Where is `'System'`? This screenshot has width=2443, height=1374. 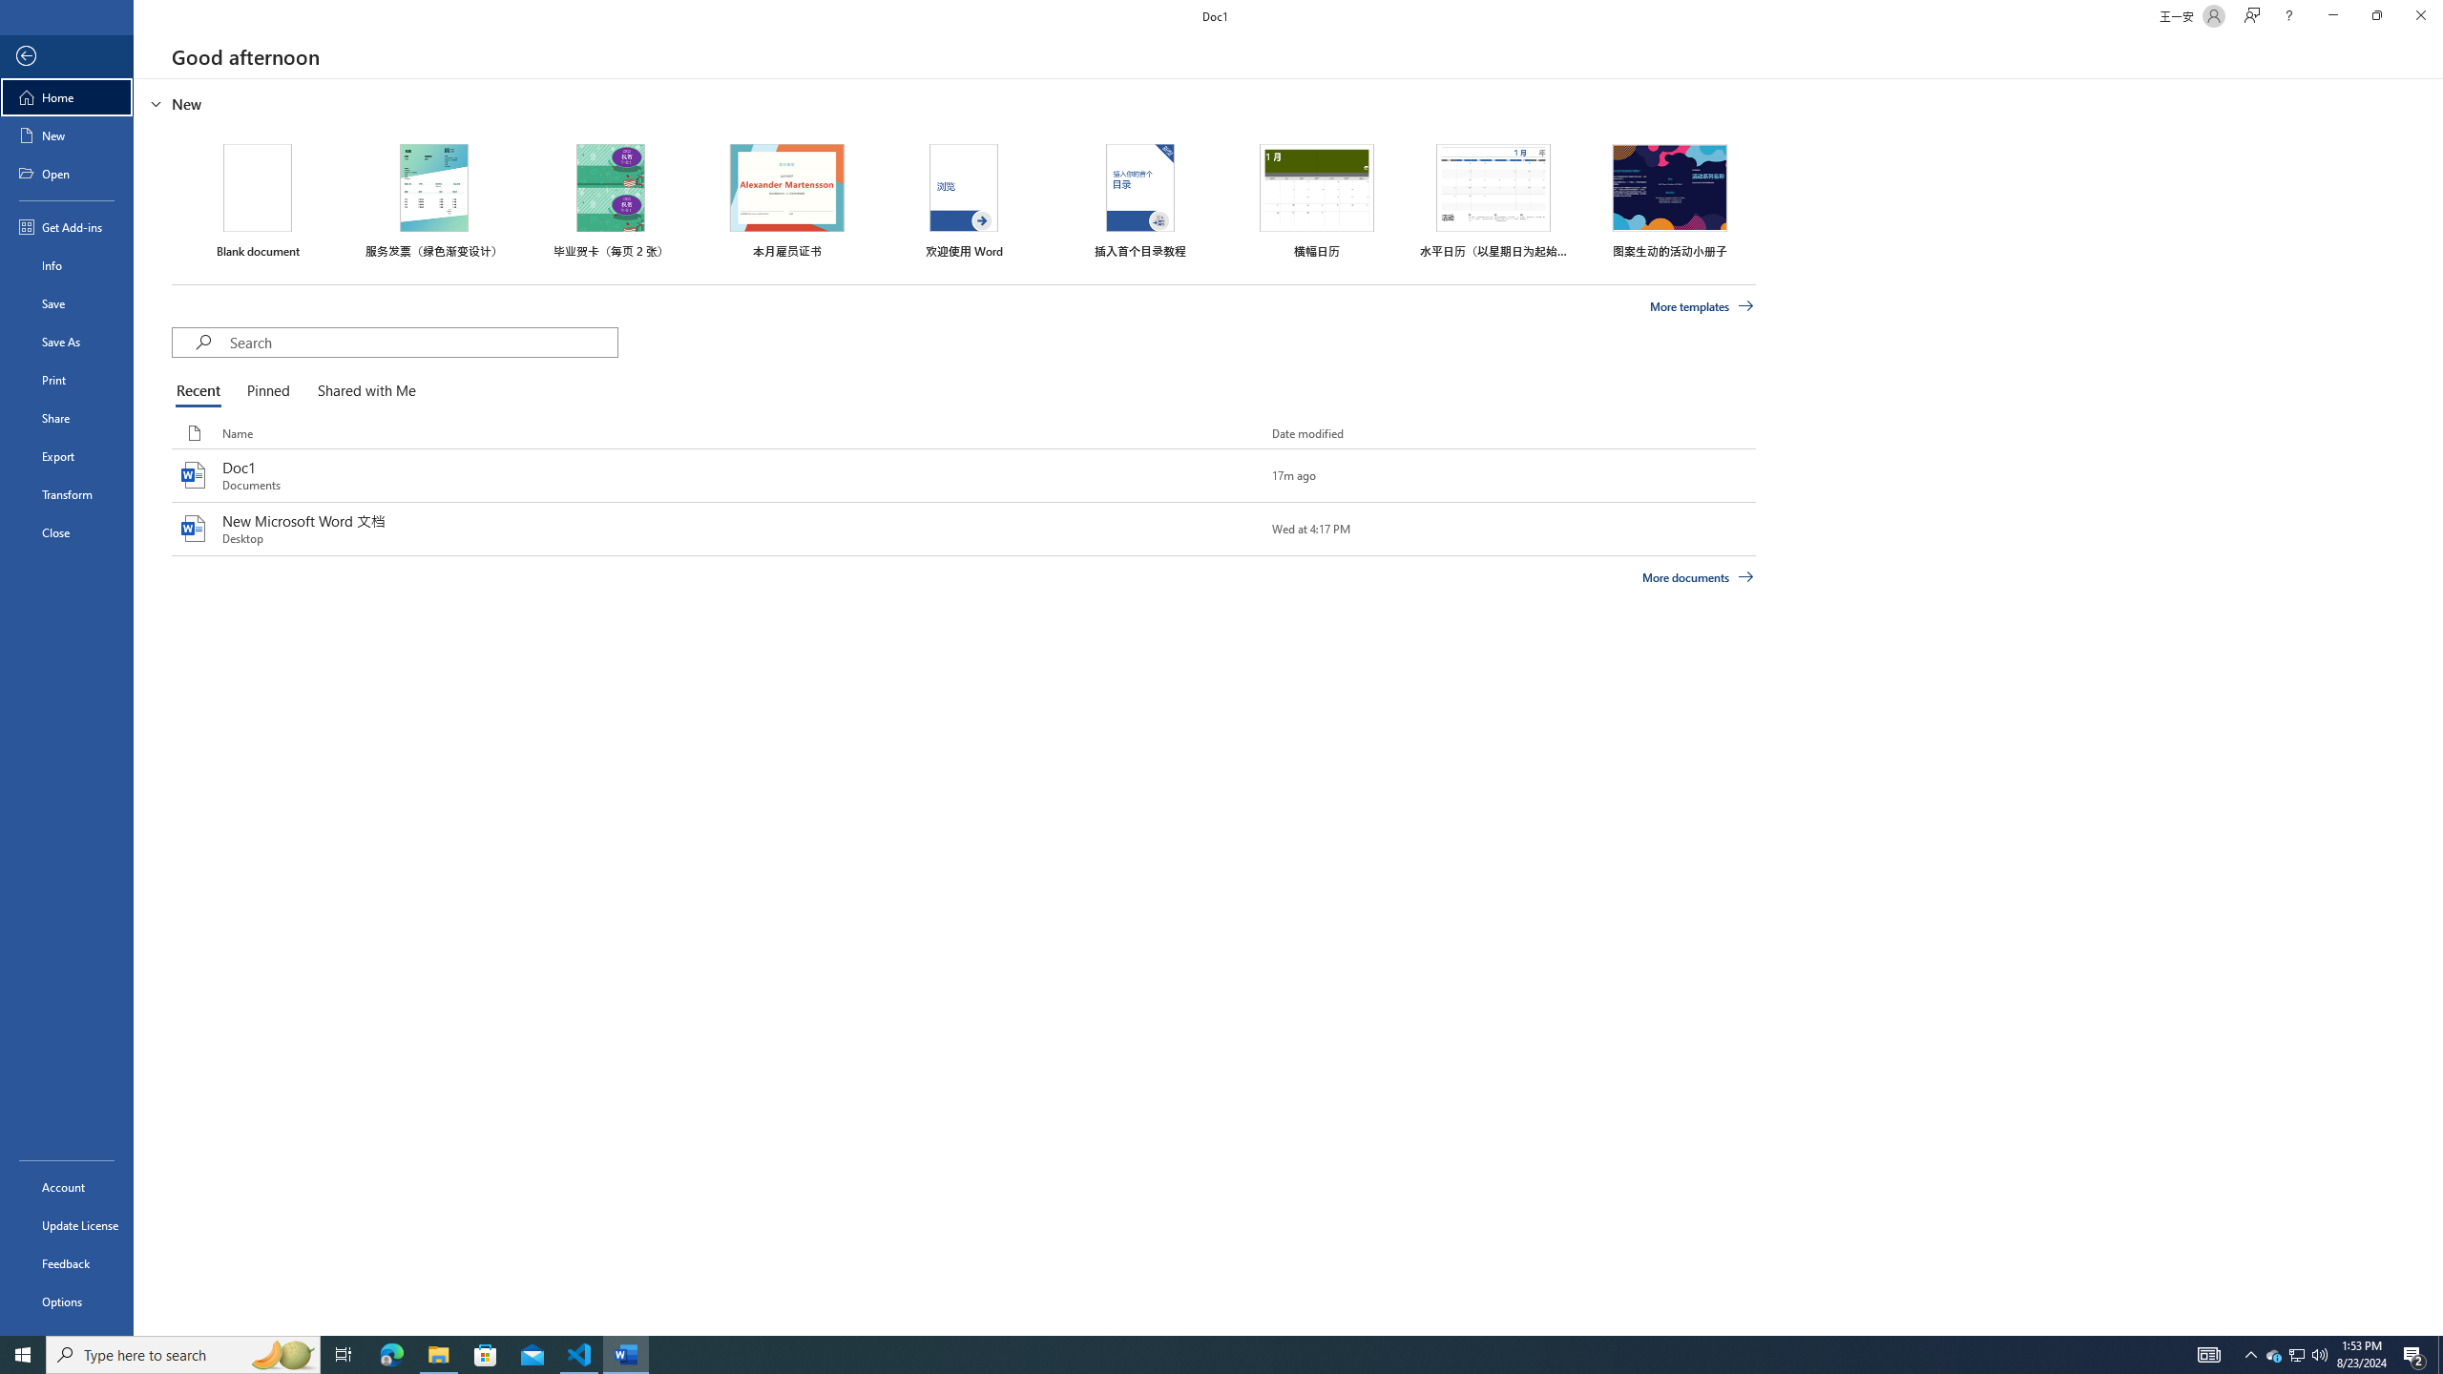
'System' is located at coordinates (10, 9).